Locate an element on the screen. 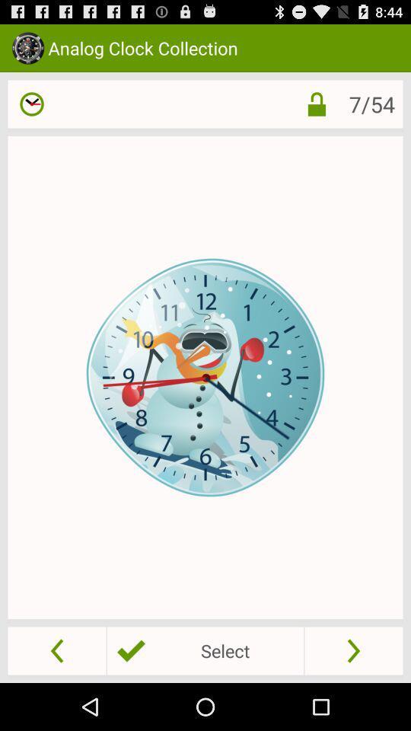 This screenshot has width=411, height=731. next button is located at coordinates (353, 650).